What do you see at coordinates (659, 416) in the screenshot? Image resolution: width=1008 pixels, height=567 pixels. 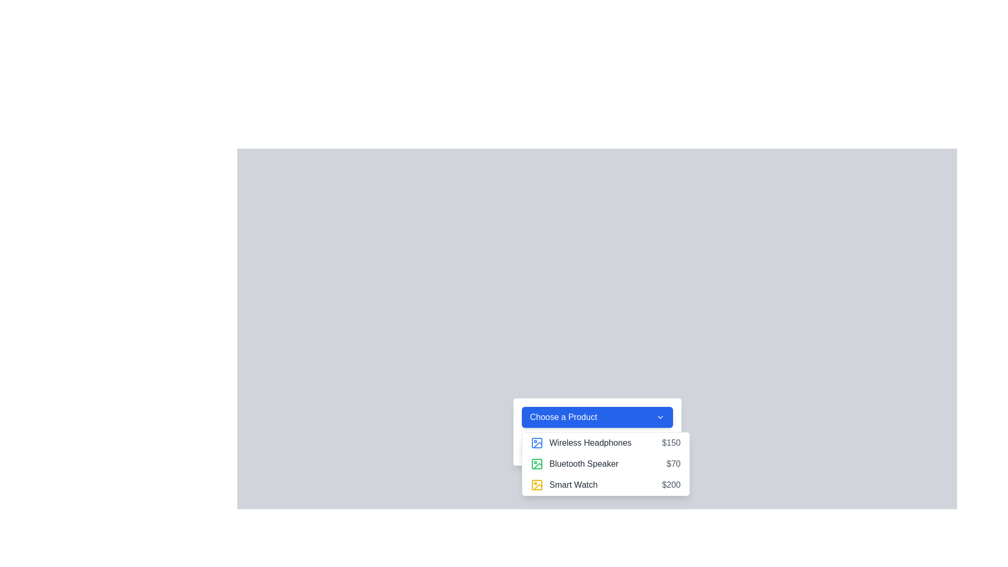 I see `the downward-pointing chevron icon inside the 'Choose a Product' button` at bounding box center [659, 416].